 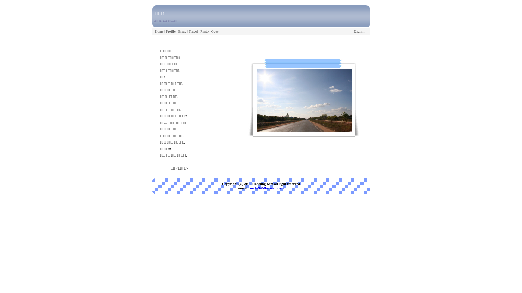 I want to click on 'Essay', so click(x=182, y=31).